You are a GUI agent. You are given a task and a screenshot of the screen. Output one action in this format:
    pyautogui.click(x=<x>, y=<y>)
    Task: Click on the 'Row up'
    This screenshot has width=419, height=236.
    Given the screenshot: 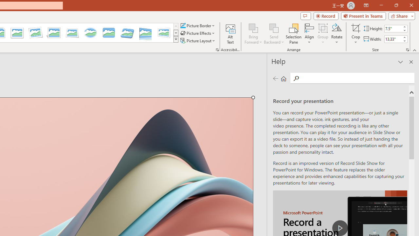 What is the action you would take?
    pyautogui.click(x=176, y=26)
    